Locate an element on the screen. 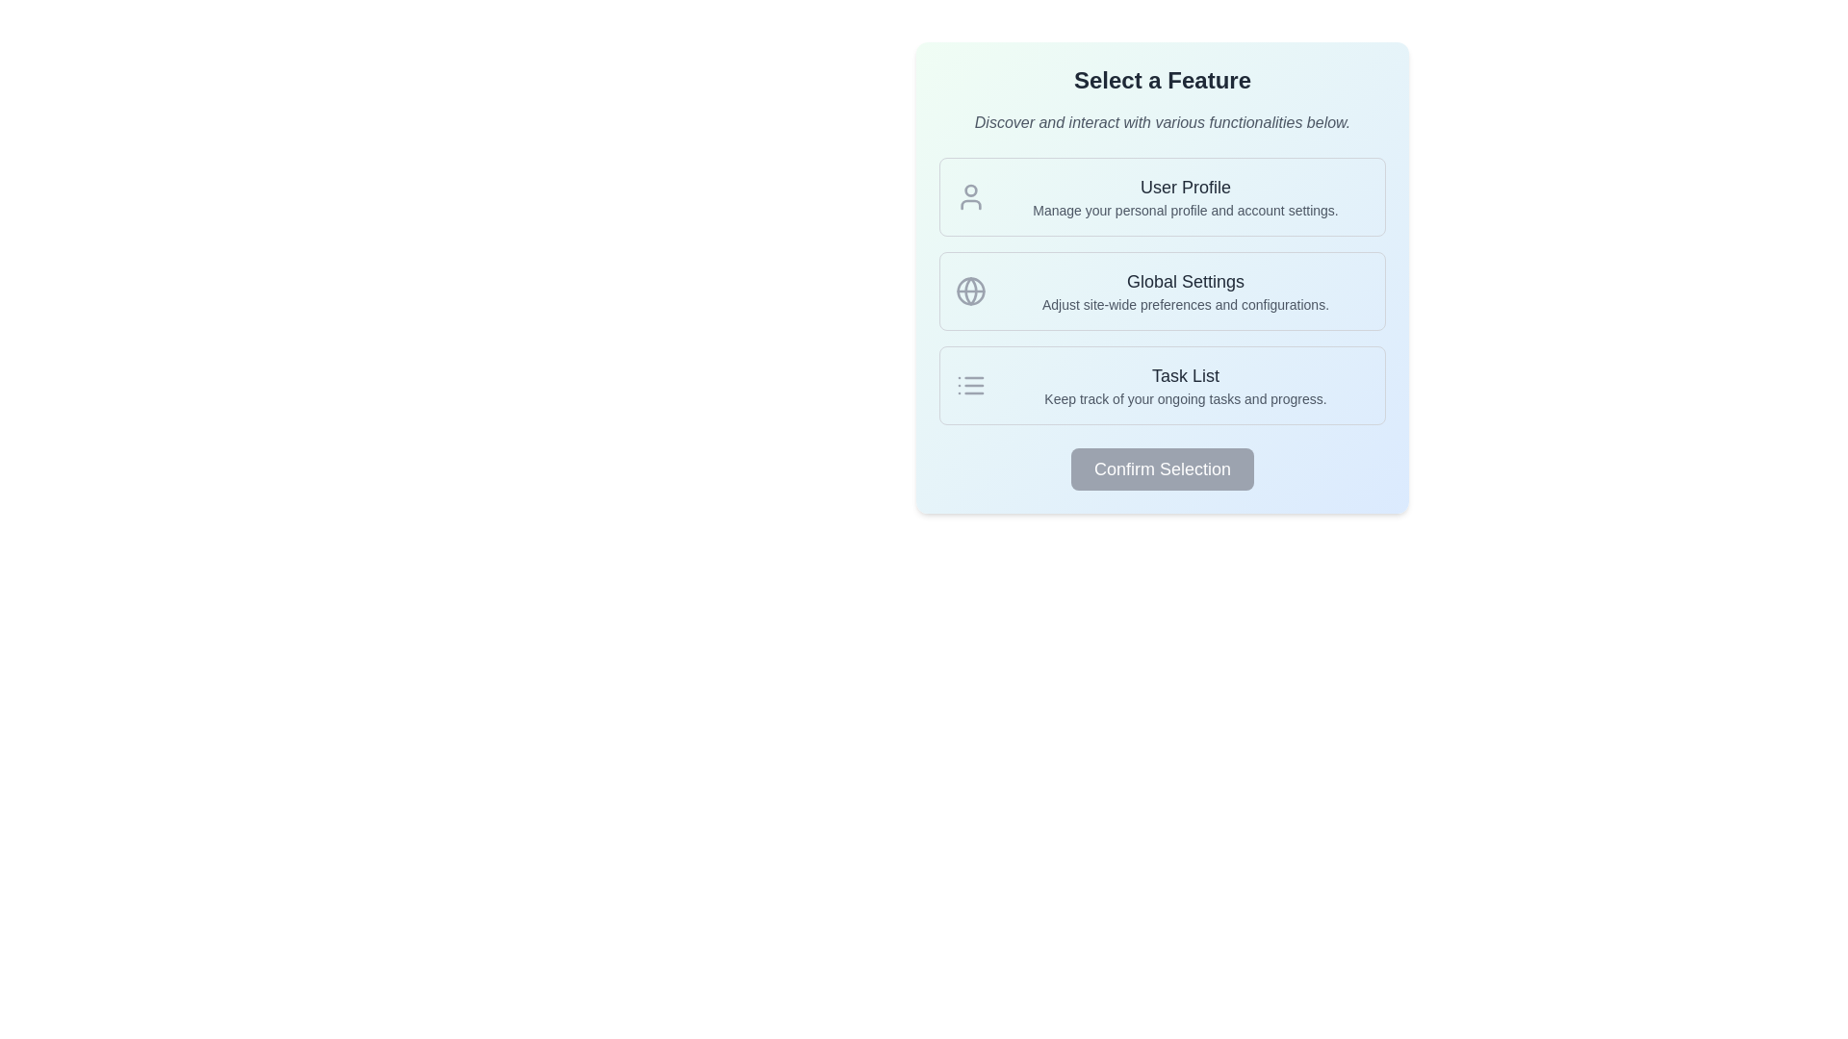  properties of the 'Global Settings' navigation option, which is a rectangular section containing a bold heading and subtext about site-wide preferences, located in the 'Select a Feature' list is located at coordinates (1162, 291).